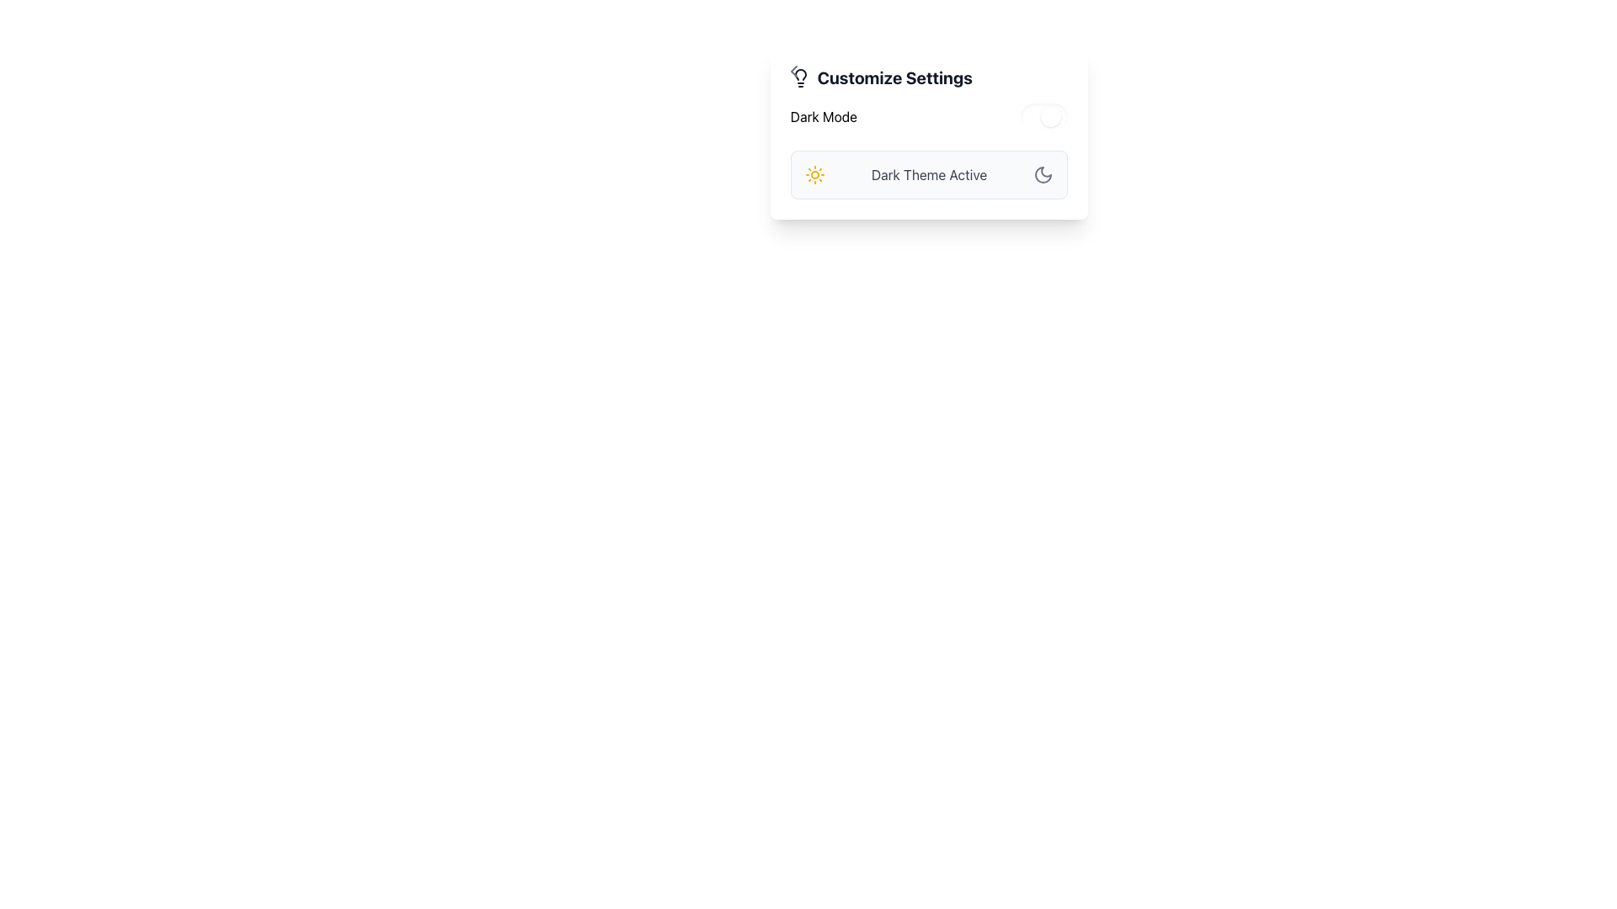 This screenshot has height=909, width=1617. What do you see at coordinates (792, 69) in the screenshot?
I see `the back navigation button located at the top-left of the 'Customize Settings' card to change its color` at bounding box center [792, 69].